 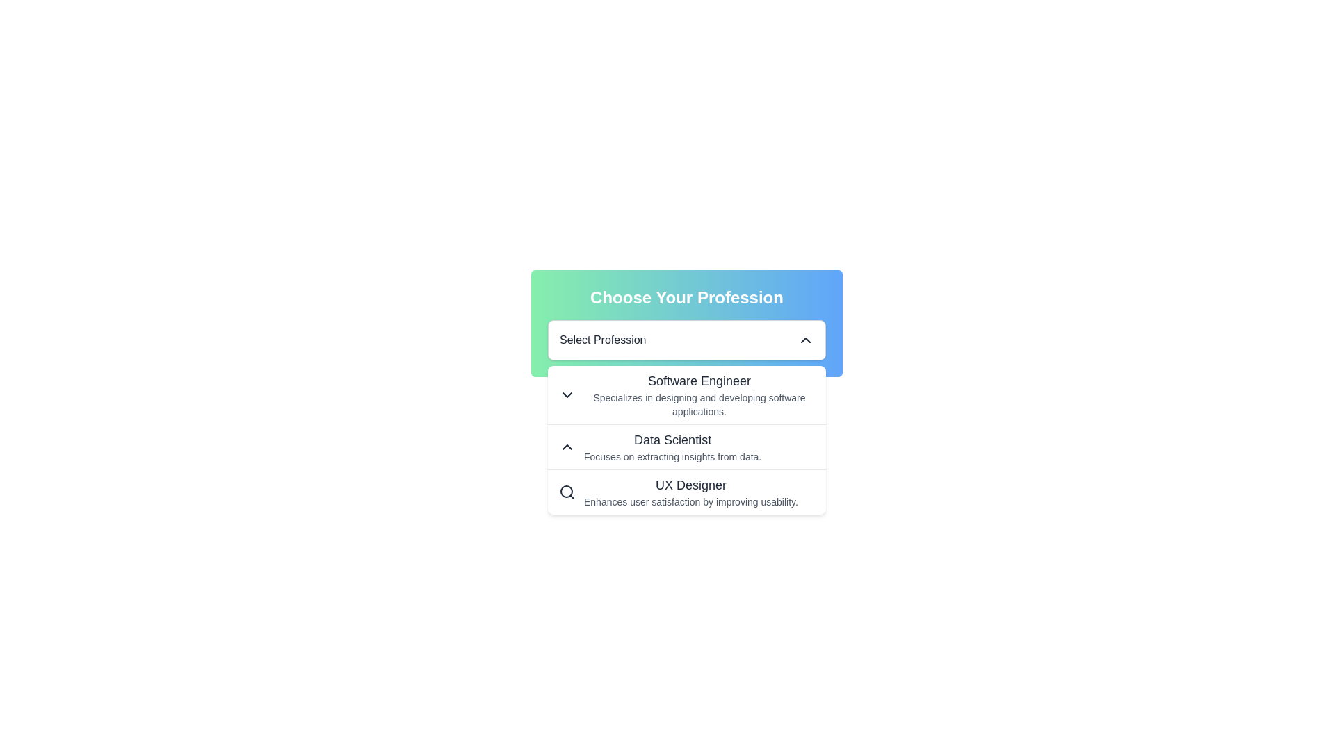 I want to click on the informational text element located under the 'UX Designer' item in the dropdown menu, which provides insights about the profession, so click(x=690, y=501).